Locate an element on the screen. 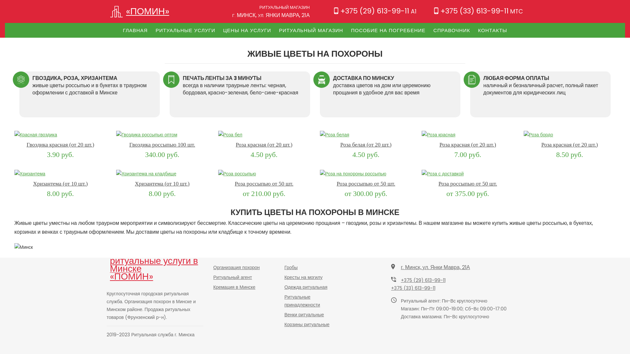  '+375 (33) 613-99-11' is located at coordinates (391, 288).